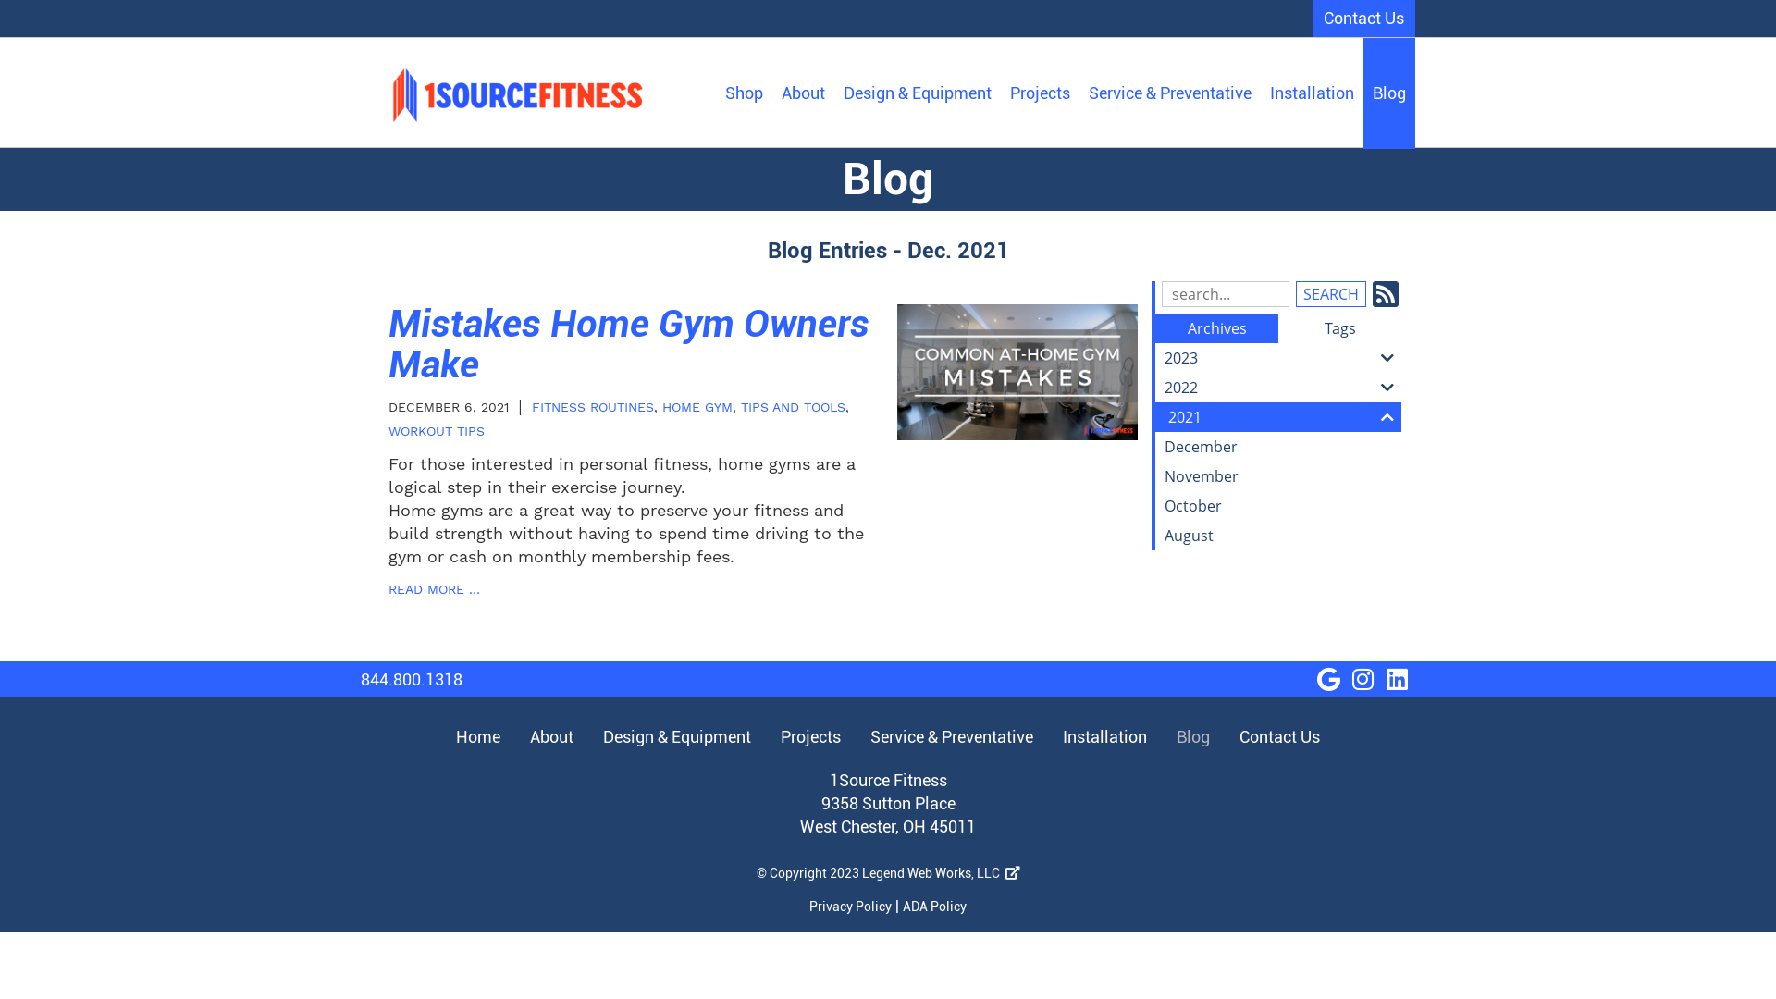  What do you see at coordinates (1193, 735) in the screenshot?
I see `'Blog'` at bounding box center [1193, 735].